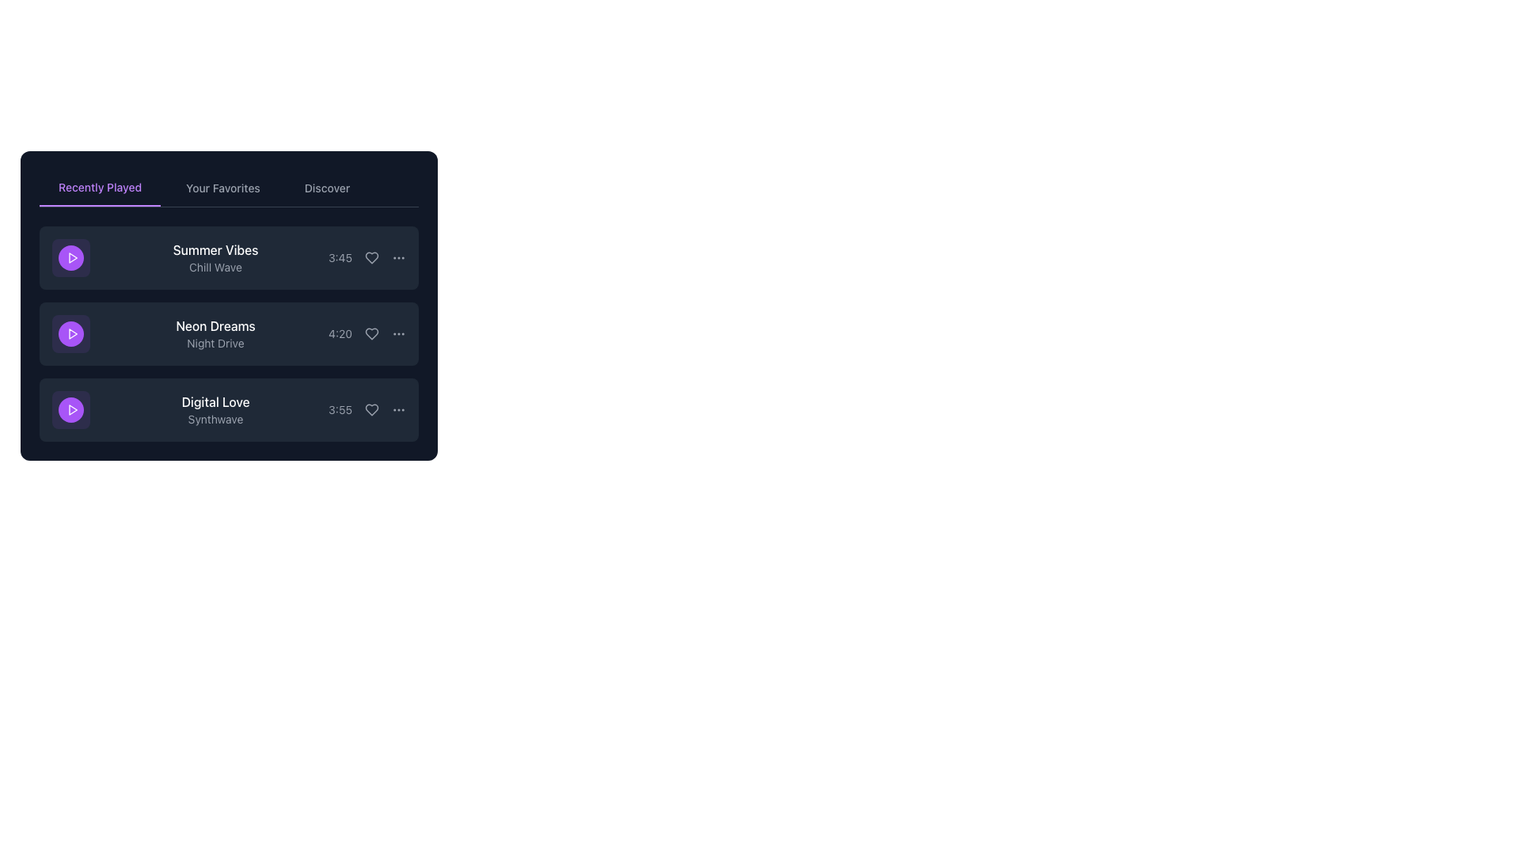 This screenshot has width=1520, height=855. I want to click on the third heart icon in the vertical list to favorite or unfavorite the corresponding song in the 'Recently Played' tab, so click(371, 408).